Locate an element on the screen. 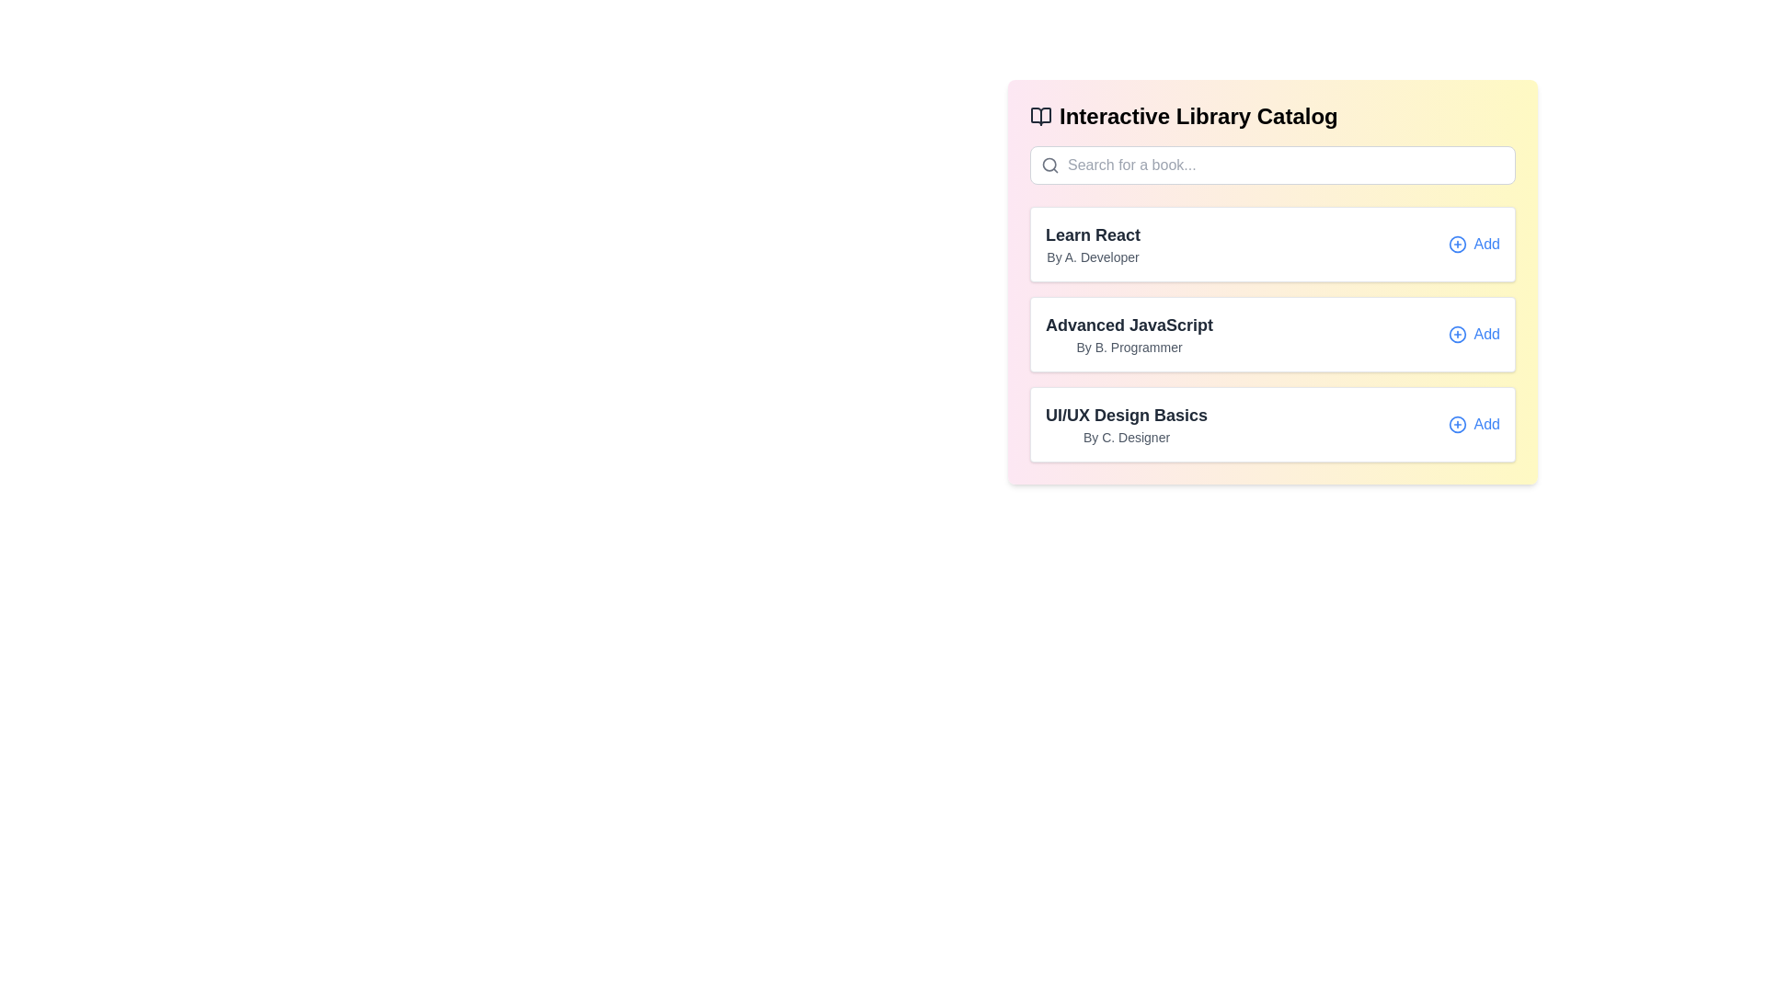  the button icon is located at coordinates (1456, 334).